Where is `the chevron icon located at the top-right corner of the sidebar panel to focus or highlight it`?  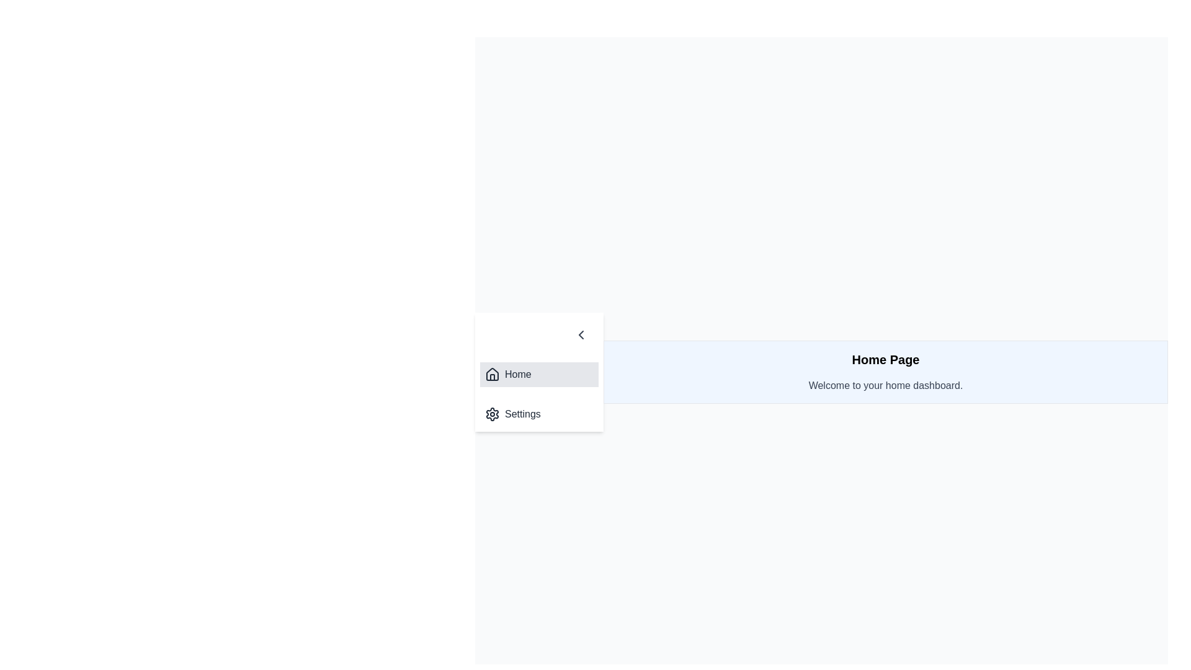 the chevron icon located at the top-right corner of the sidebar panel to focus or highlight it is located at coordinates (581, 335).